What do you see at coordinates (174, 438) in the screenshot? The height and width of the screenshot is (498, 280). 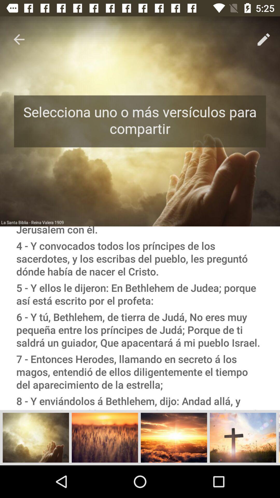 I see `the third left image from bottom` at bounding box center [174, 438].